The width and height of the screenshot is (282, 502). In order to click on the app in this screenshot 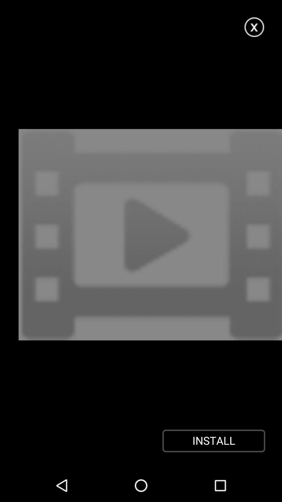, I will do `click(254, 27)`.